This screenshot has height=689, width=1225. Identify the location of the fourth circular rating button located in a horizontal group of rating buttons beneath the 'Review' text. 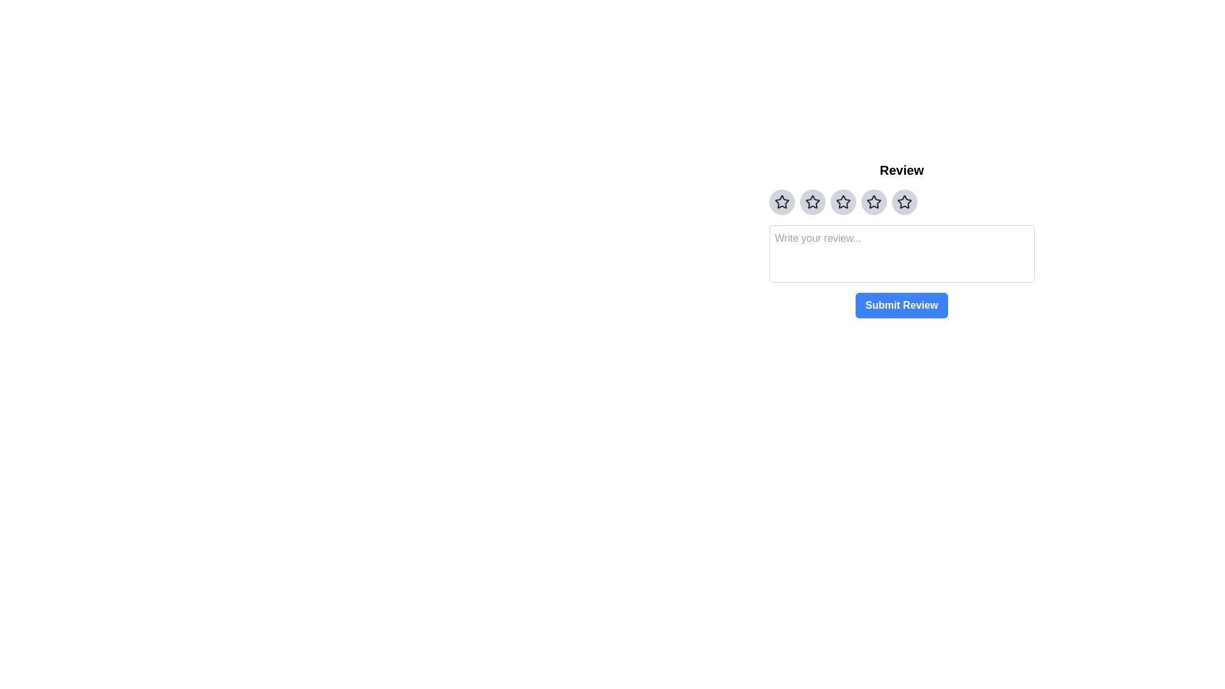
(873, 201).